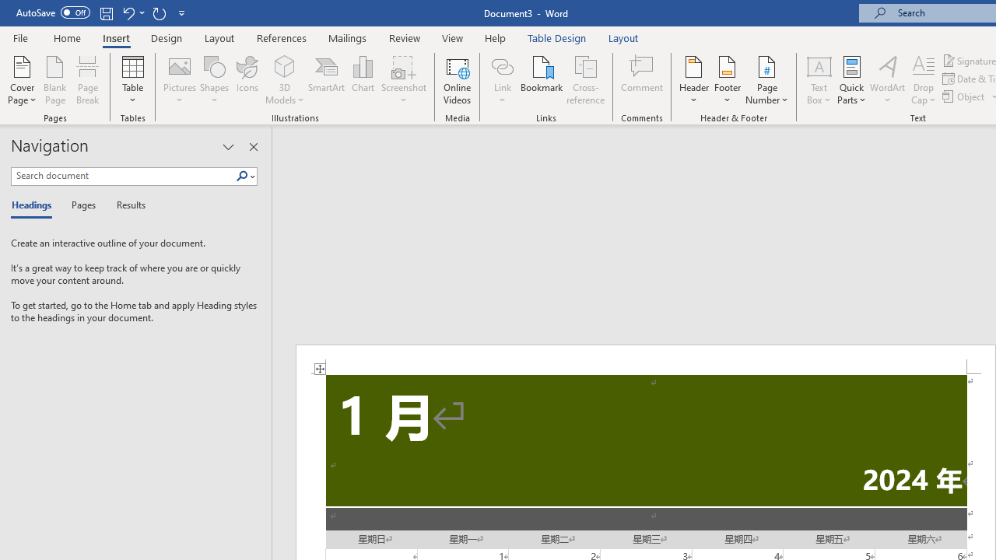  Describe the element at coordinates (557, 37) in the screenshot. I see `'Table Design'` at that location.